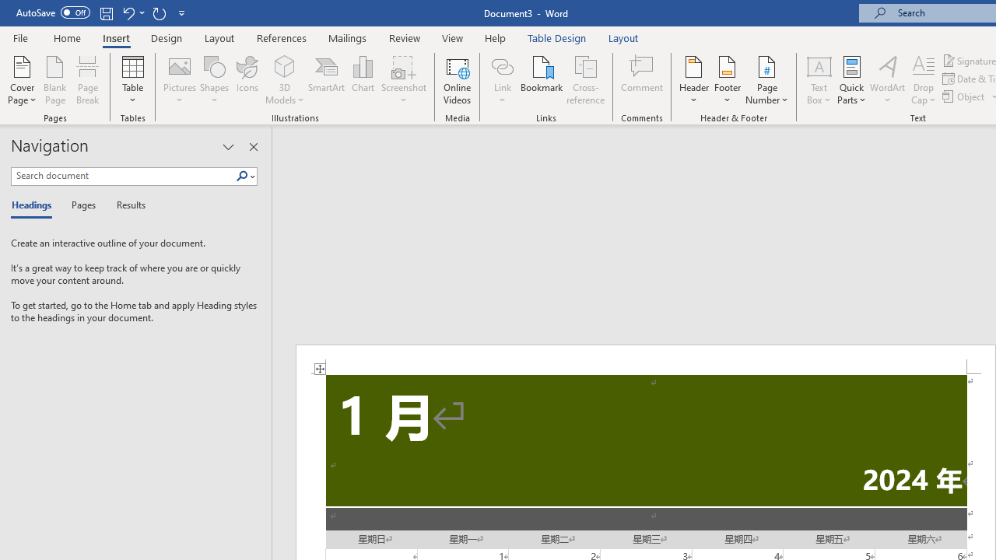  Describe the element at coordinates (557, 37) in the screenshot. I see `'Table Design'` at that location.